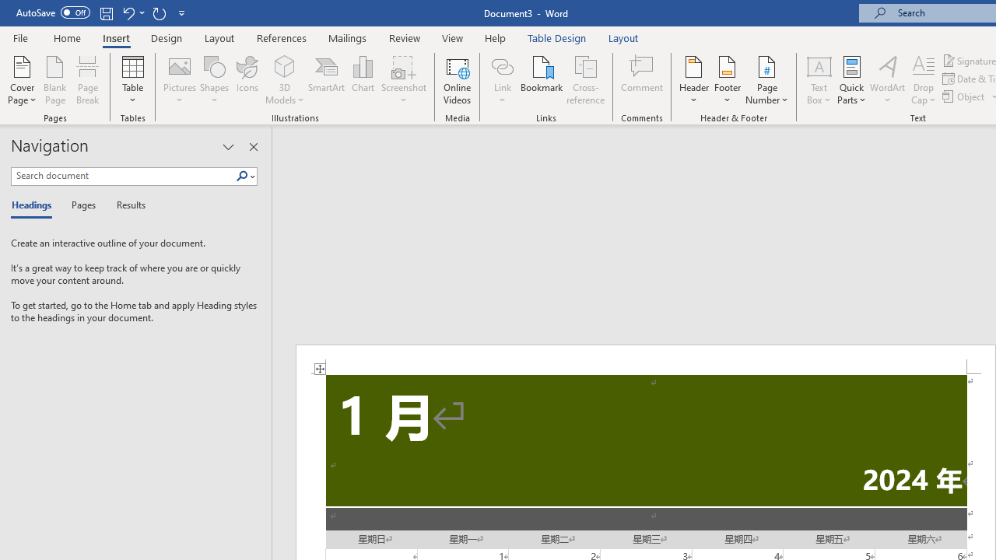  Describe the element at coordinates (557, 37) in the screenshot. I see `'Table Design'` at that location.